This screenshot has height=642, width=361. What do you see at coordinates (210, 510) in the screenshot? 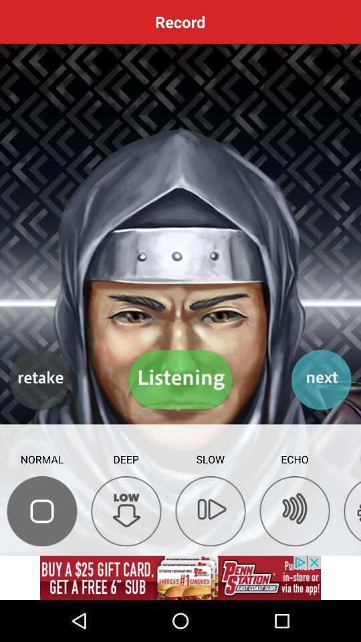
I see `paly` at bounding box center [210, 510].